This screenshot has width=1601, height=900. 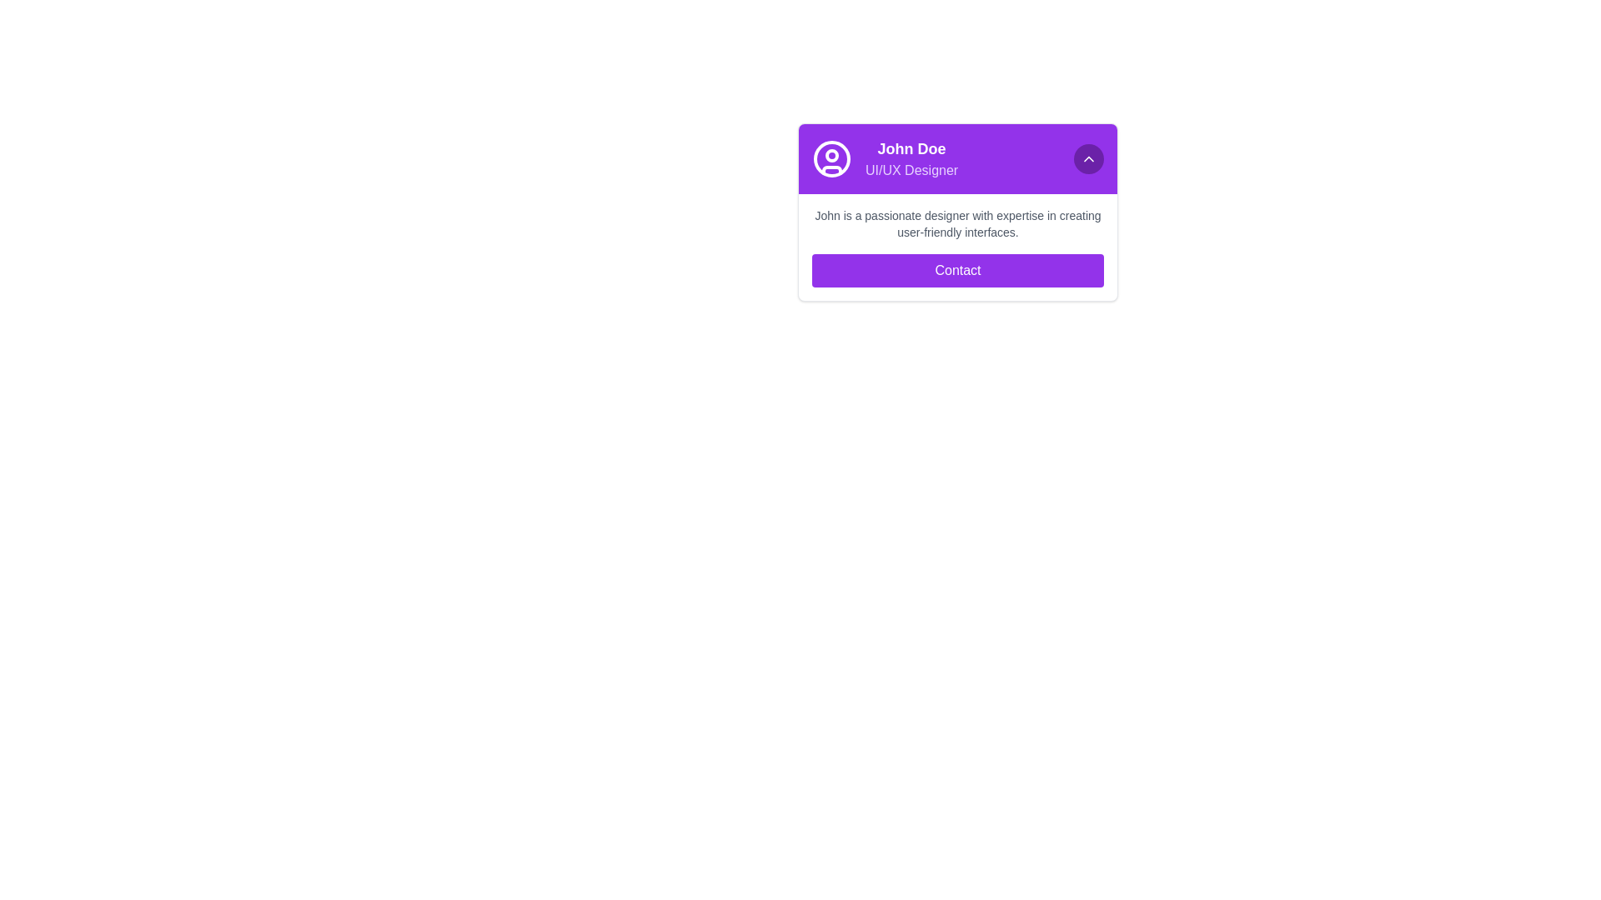 I want to click on the text block that states 'John is a passionate designer with expertise in creating user-friendly interfaces.' positioned prominently below the heading 'John Doe' and above the 'Contact' button, so click(x=957, y=223).